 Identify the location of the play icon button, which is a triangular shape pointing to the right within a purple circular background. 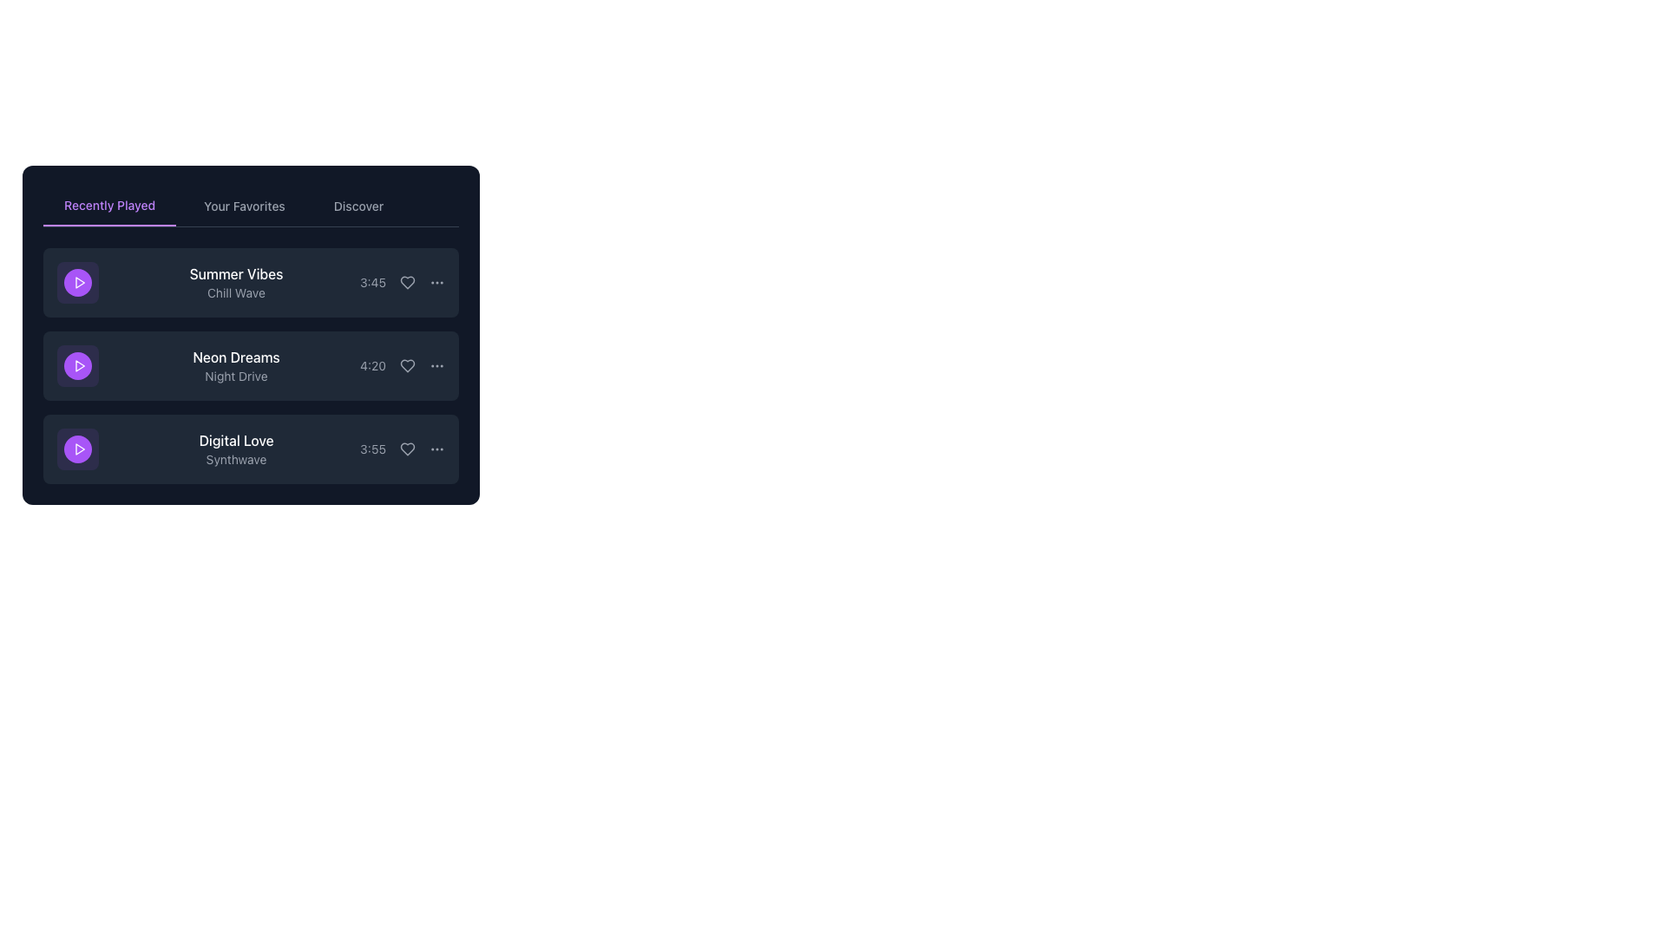
(78, 448).